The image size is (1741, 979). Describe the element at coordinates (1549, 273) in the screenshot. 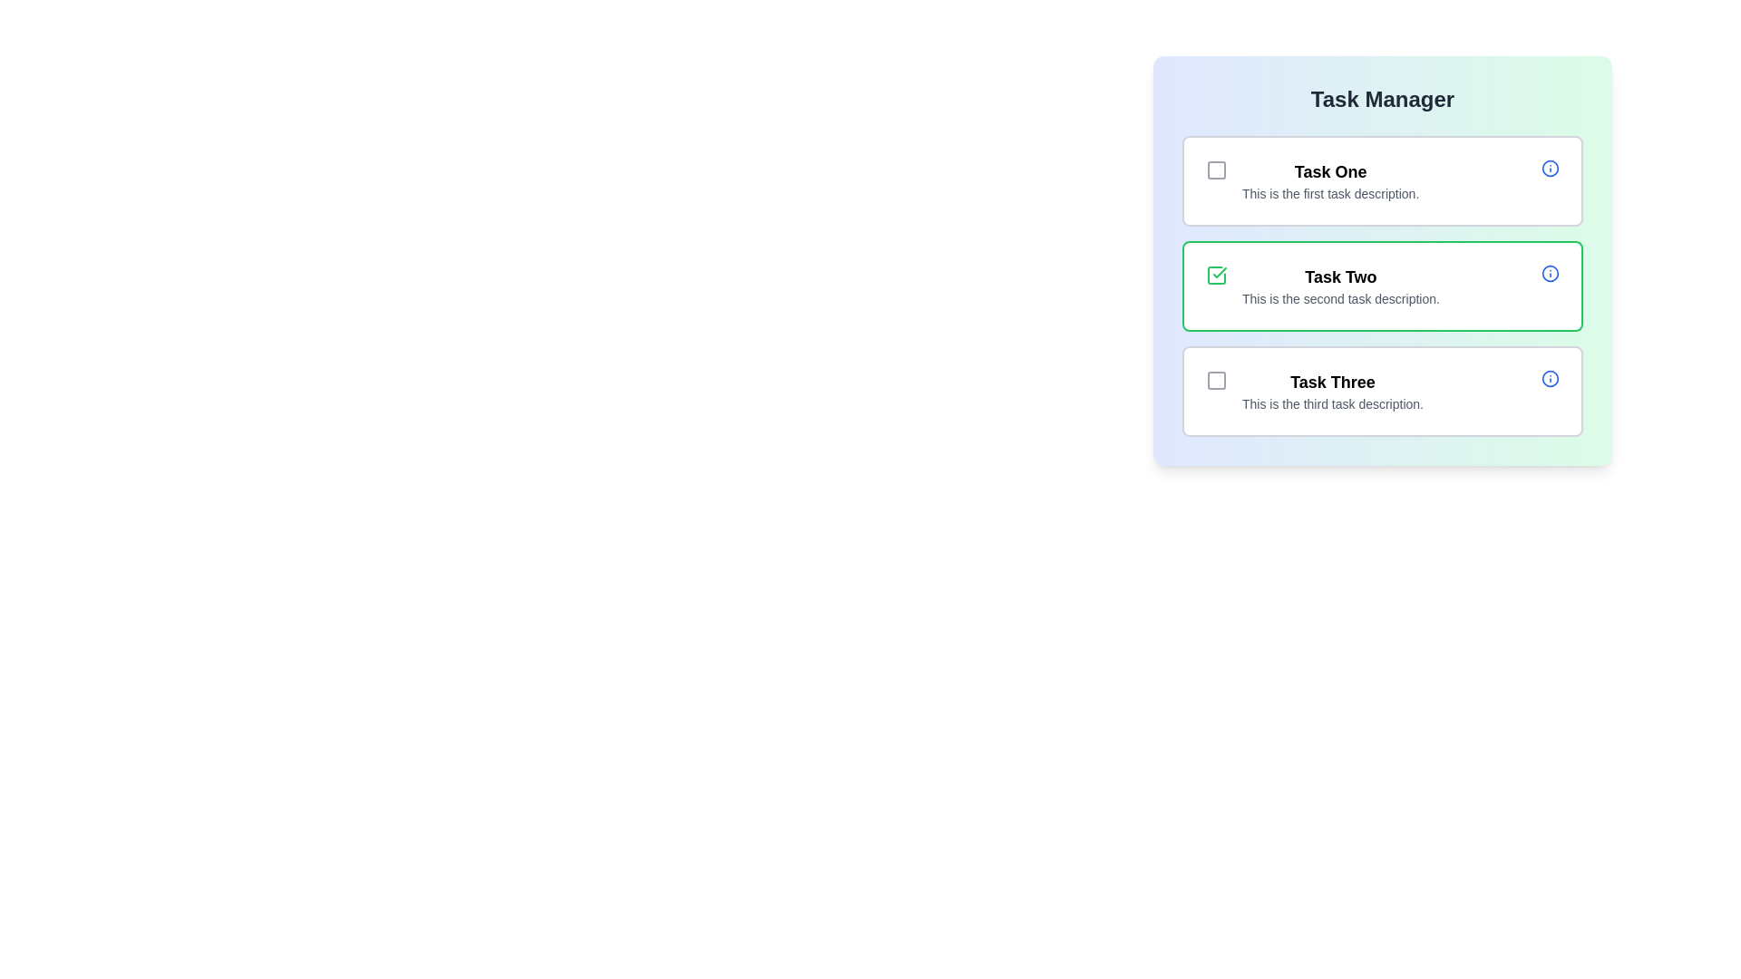

I see `the circular icon outlined in blue, resembling an information or help symbol, located at the far right of the 'Task Two' panel` at that location.